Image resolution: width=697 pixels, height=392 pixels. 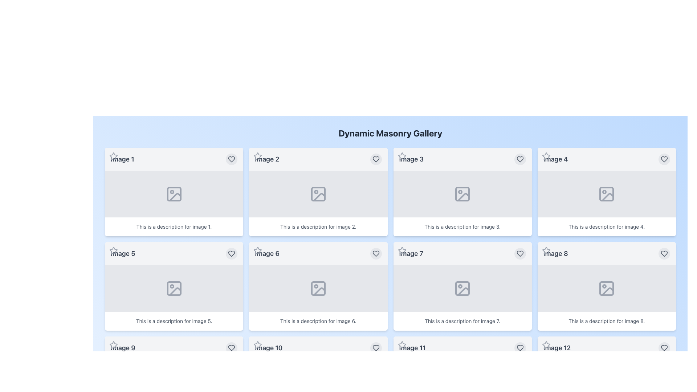 What do you see at coordinates (231, 348) in the screenshot?
I see `the 'like' or 'favorite' icon located at the bottom right corner of the card for 'Image 9'` at bounding box center [231, 348].